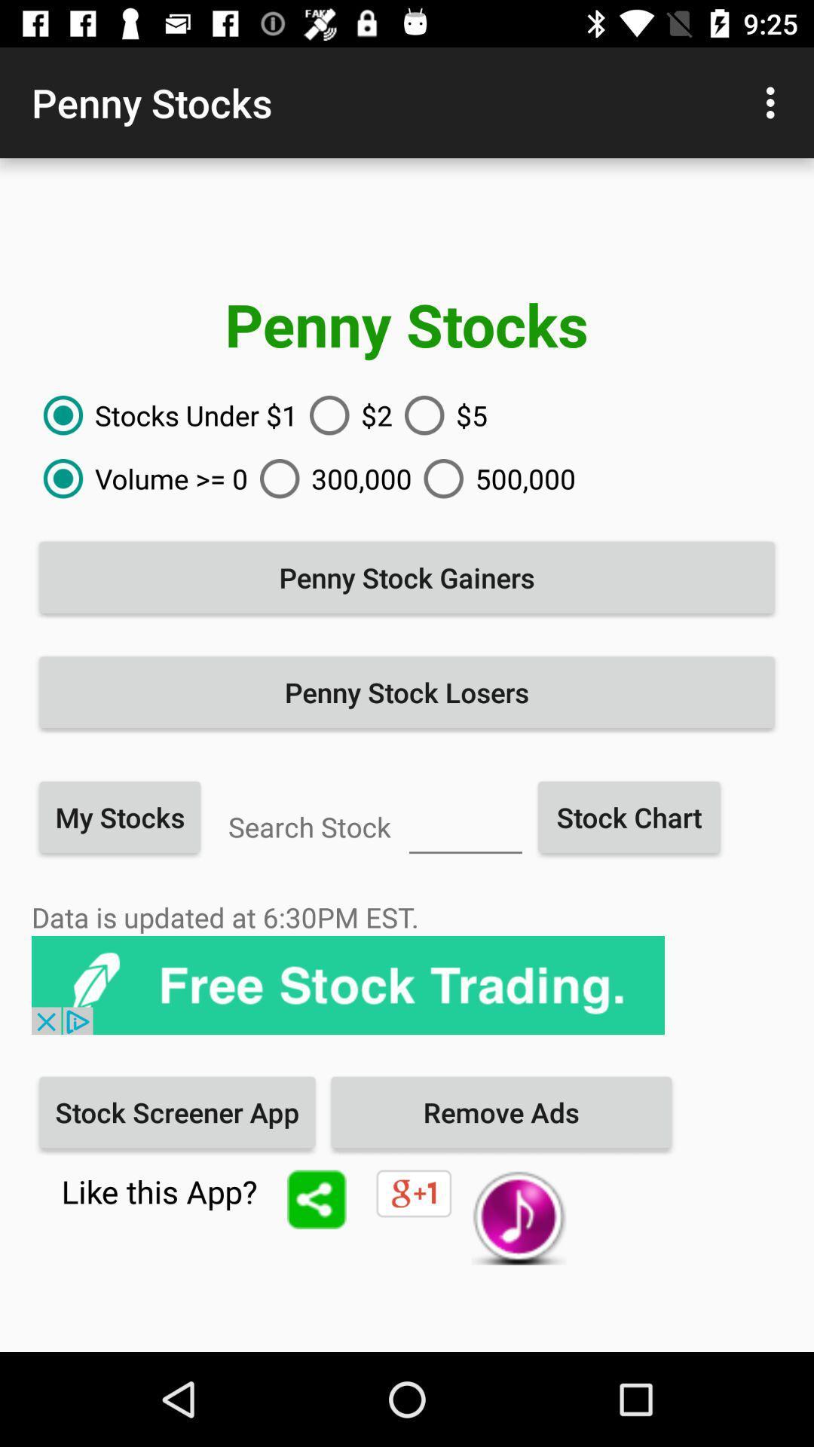 The width and height of the screenshot is (814, 1447). Describe the element at coordinates (518, 1217) in the screenshot. I see `icon below the remove ads` at that location.